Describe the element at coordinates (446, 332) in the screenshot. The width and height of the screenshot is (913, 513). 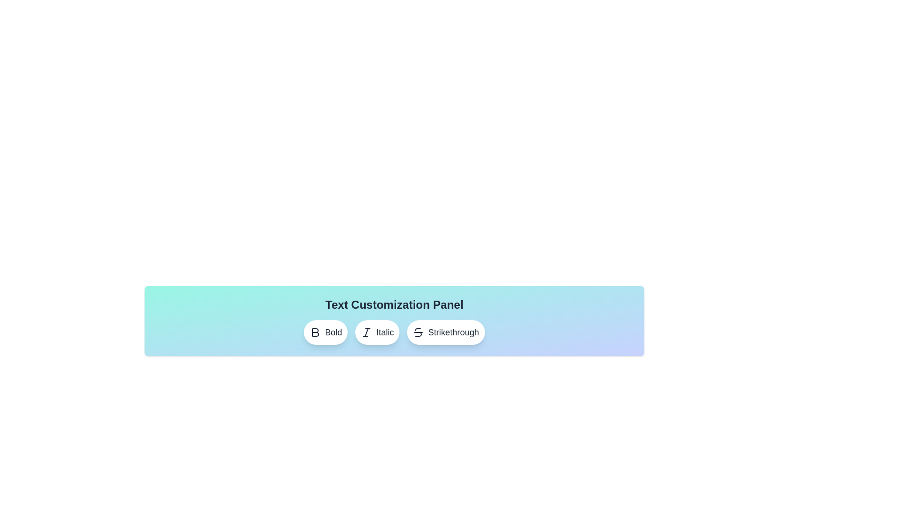
I see `the 'Strikethrough' button which is the third button in a horizontal group of buttons, featuring a strikethrough icon and dark gray text on a white background, to apply strikethrough formatting` at that location.